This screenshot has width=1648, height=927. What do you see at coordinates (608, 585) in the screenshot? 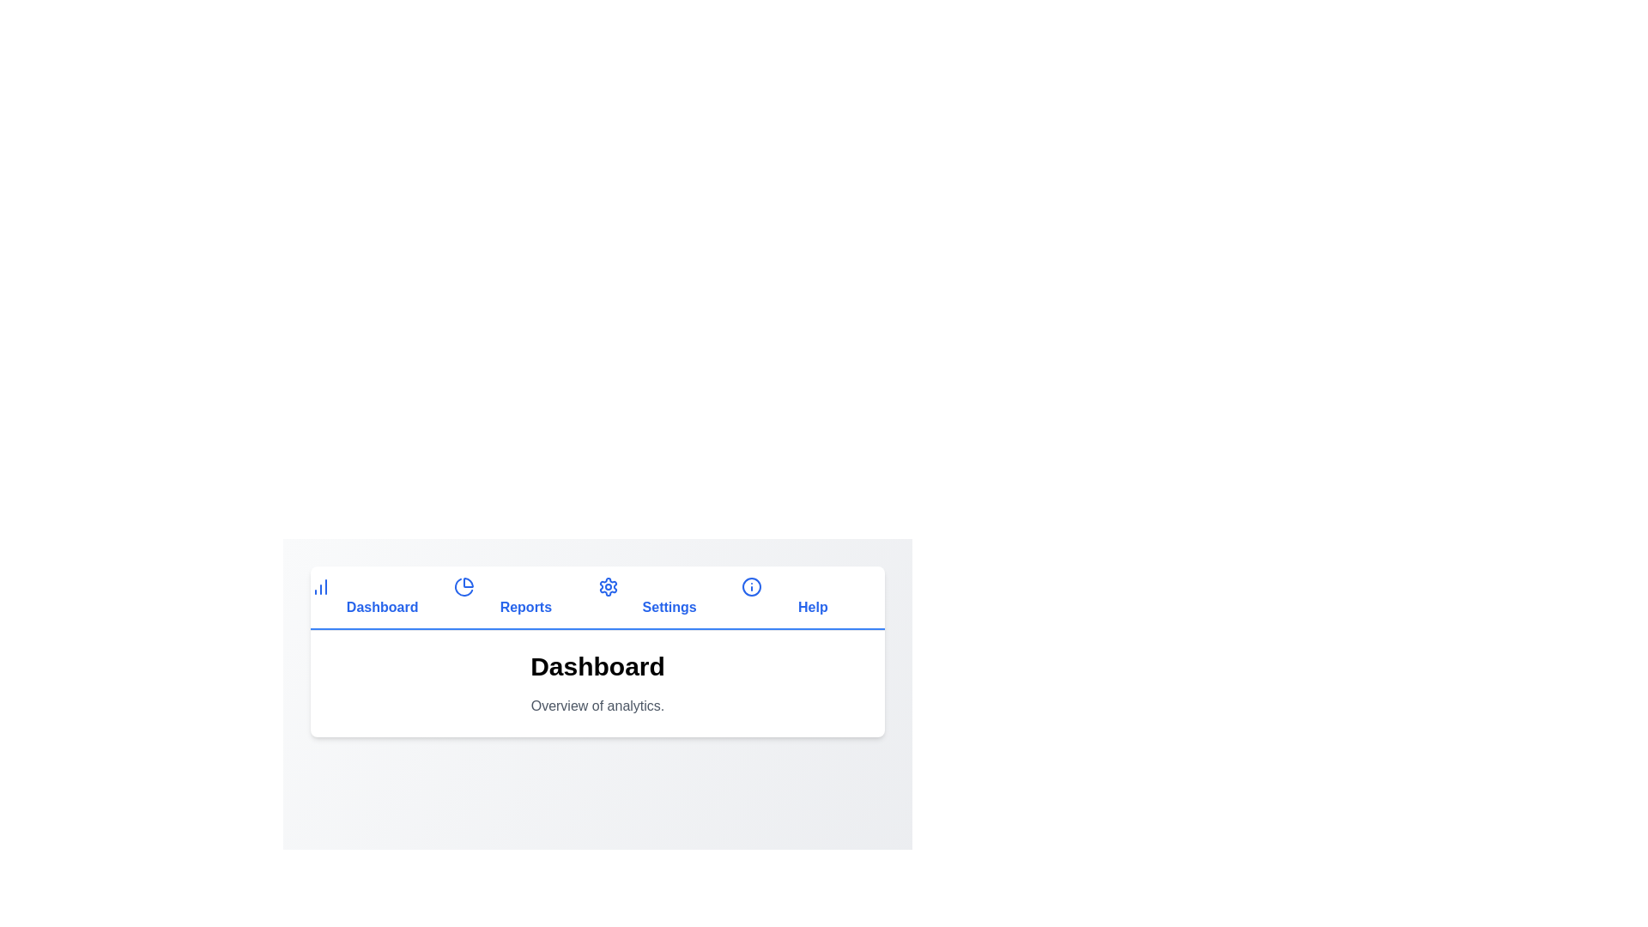
I see `the blue cogwheel icon in the settings tab of the navigation bar` at bounding box center [608, 585].